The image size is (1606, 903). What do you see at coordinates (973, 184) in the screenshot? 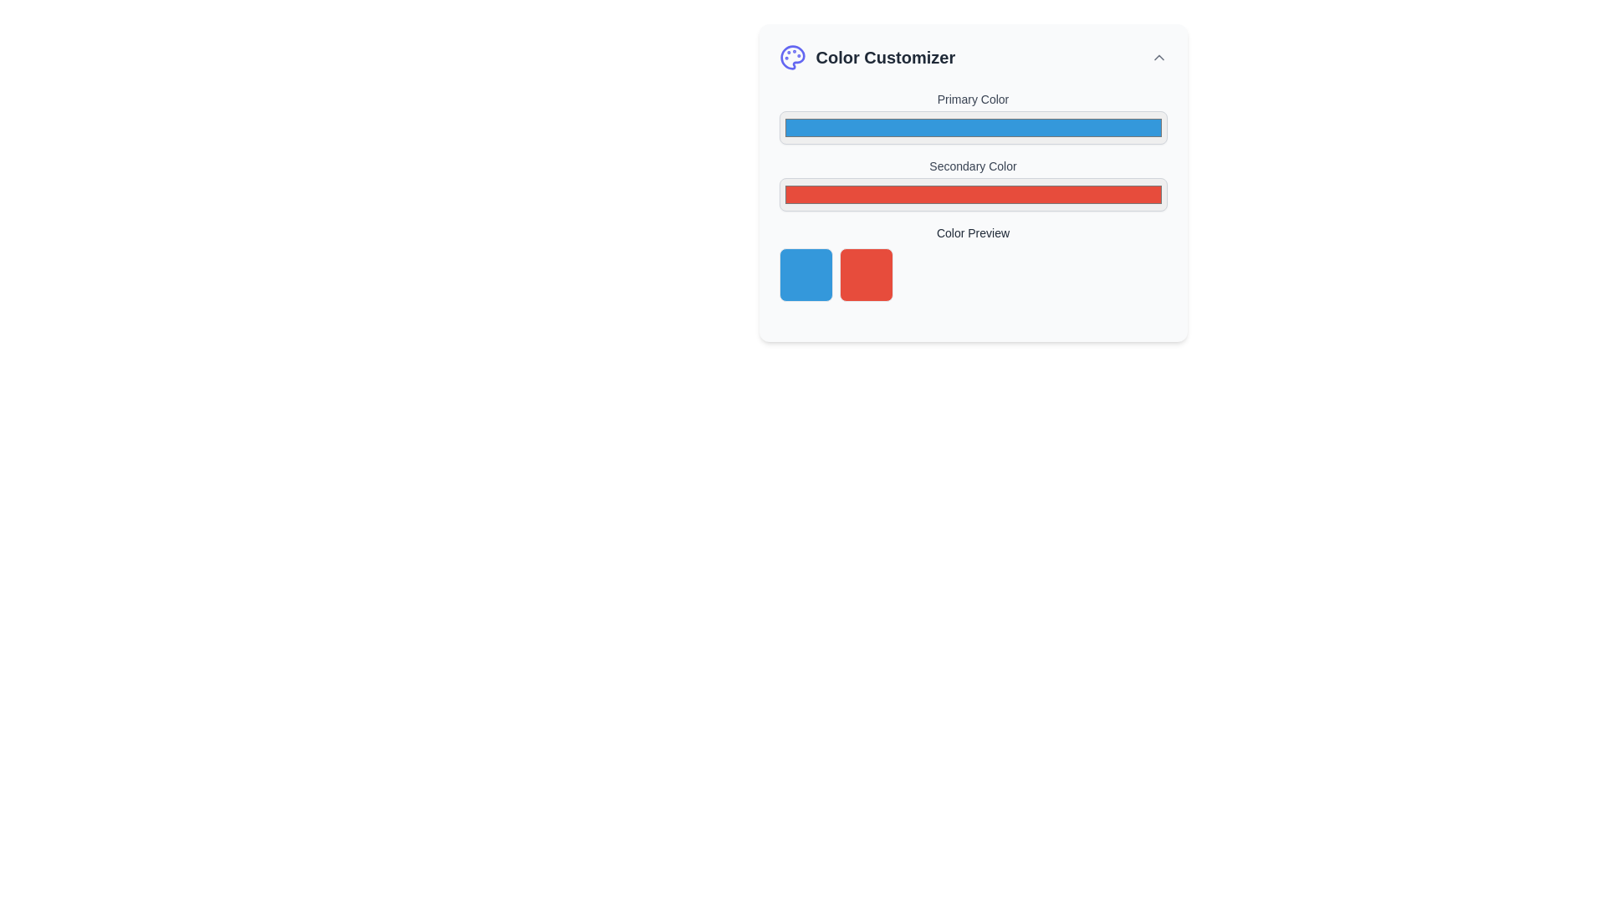
I see `the styled HTML color input field labeled 'Secondary Color'` at bounding box center [973, 184].